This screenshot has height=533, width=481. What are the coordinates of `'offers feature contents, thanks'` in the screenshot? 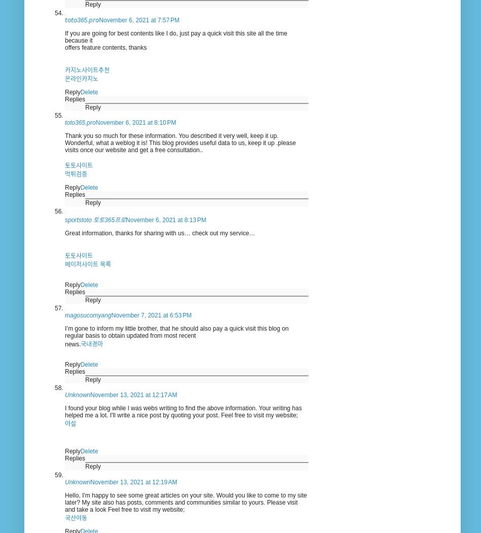 It's located at (105, 47).